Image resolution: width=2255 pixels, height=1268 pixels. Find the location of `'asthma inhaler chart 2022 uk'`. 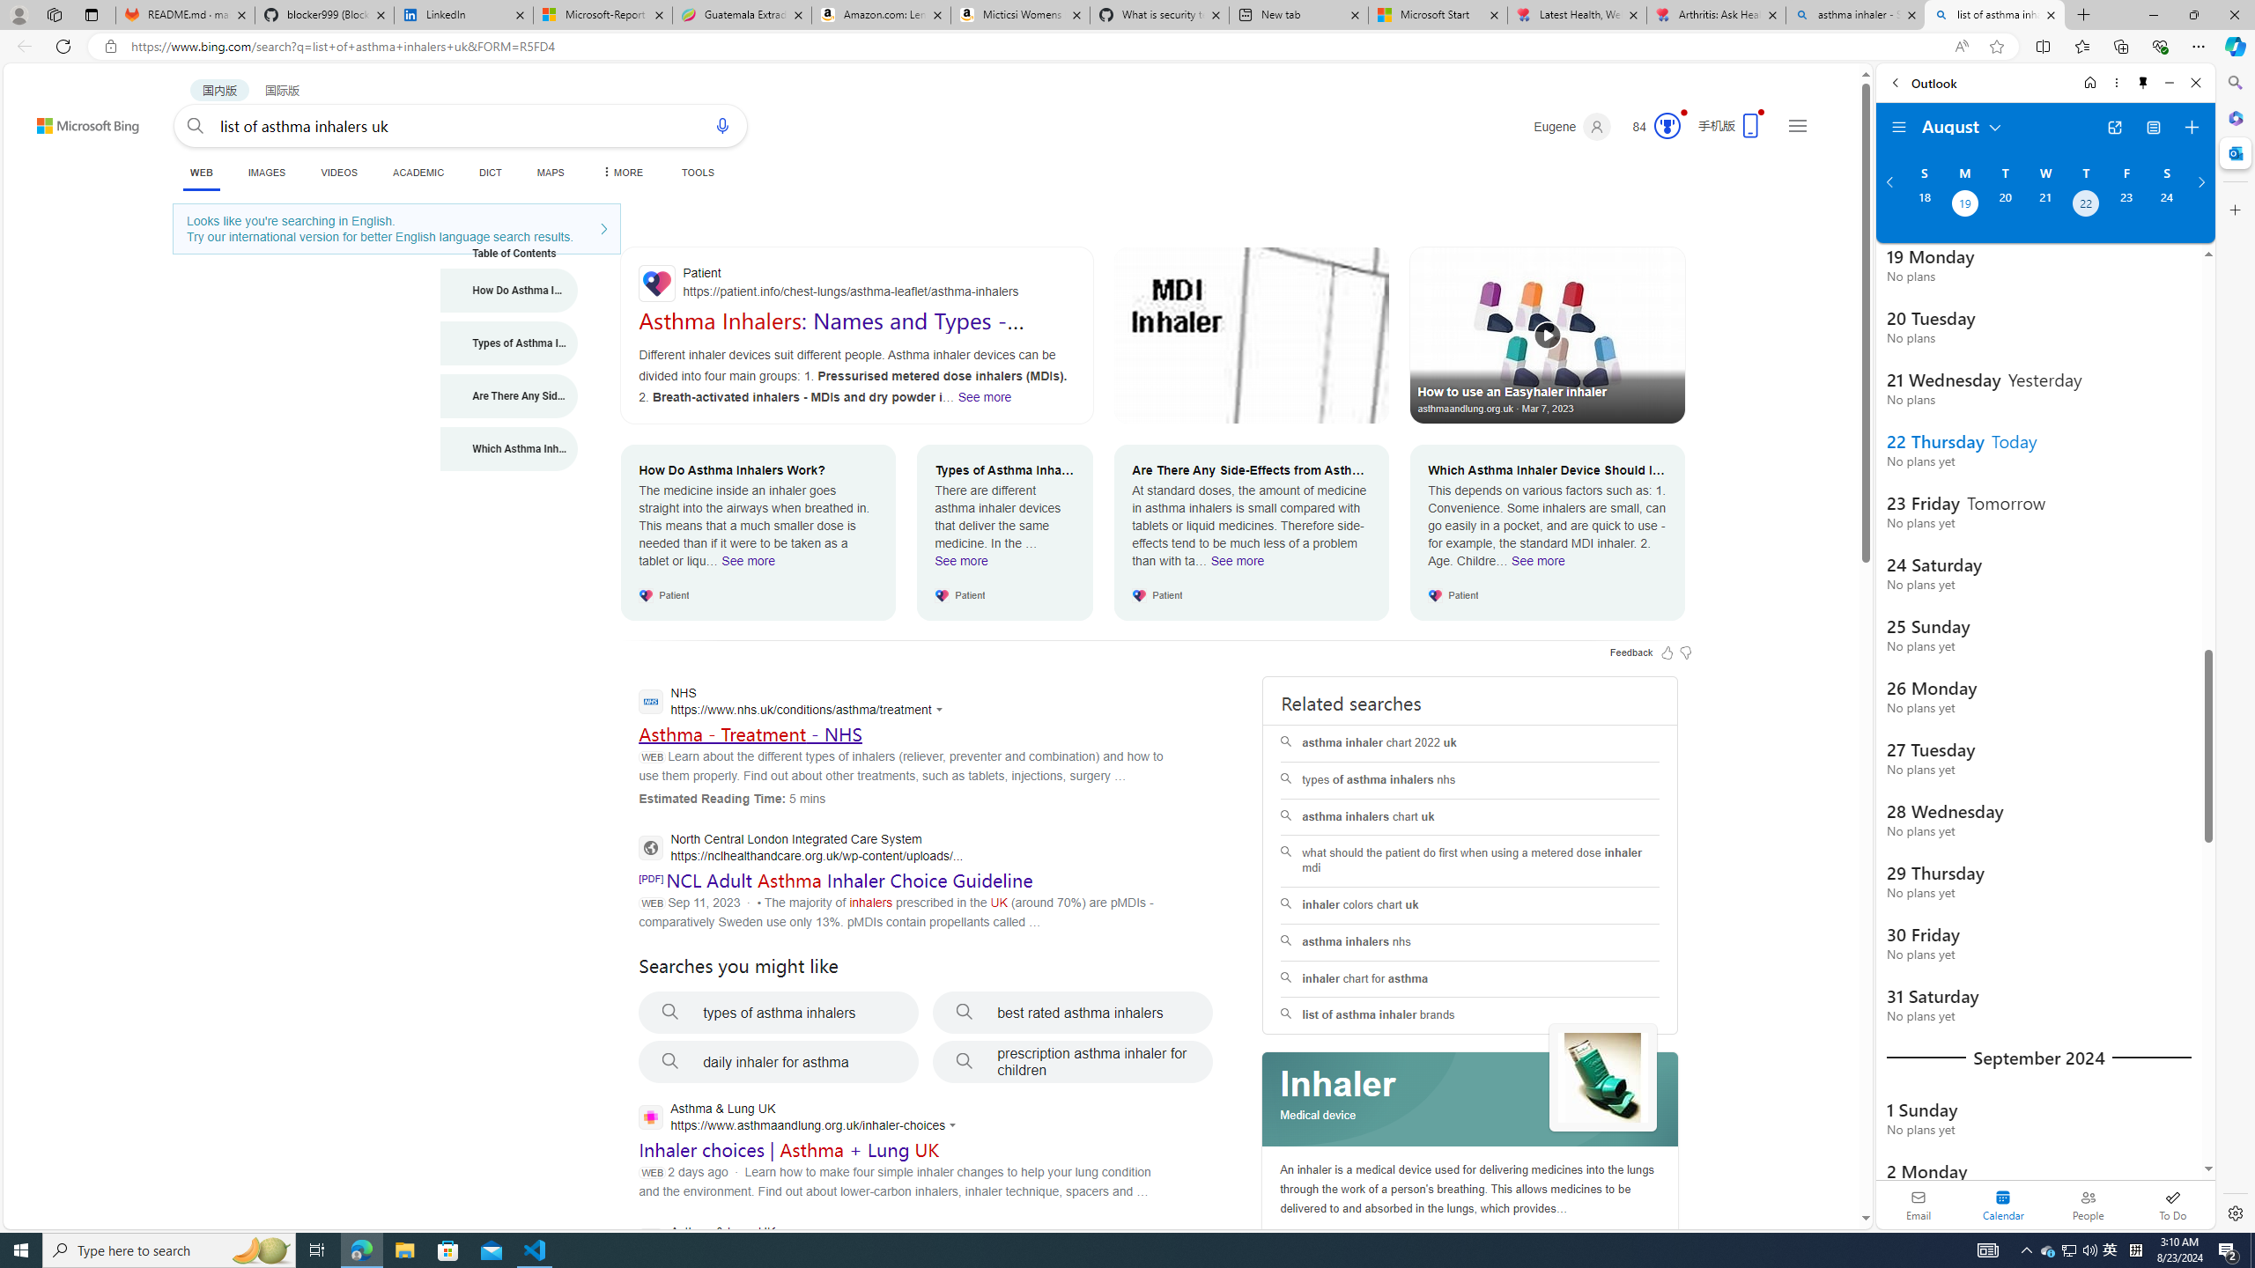

'asthma inhaler chart 2022 uk' is located at coordinates (1469, 742).